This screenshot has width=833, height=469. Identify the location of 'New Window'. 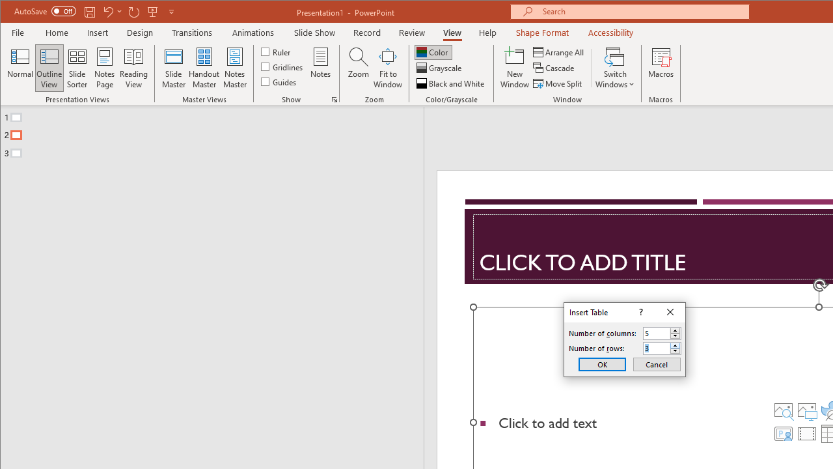
(514, 68).